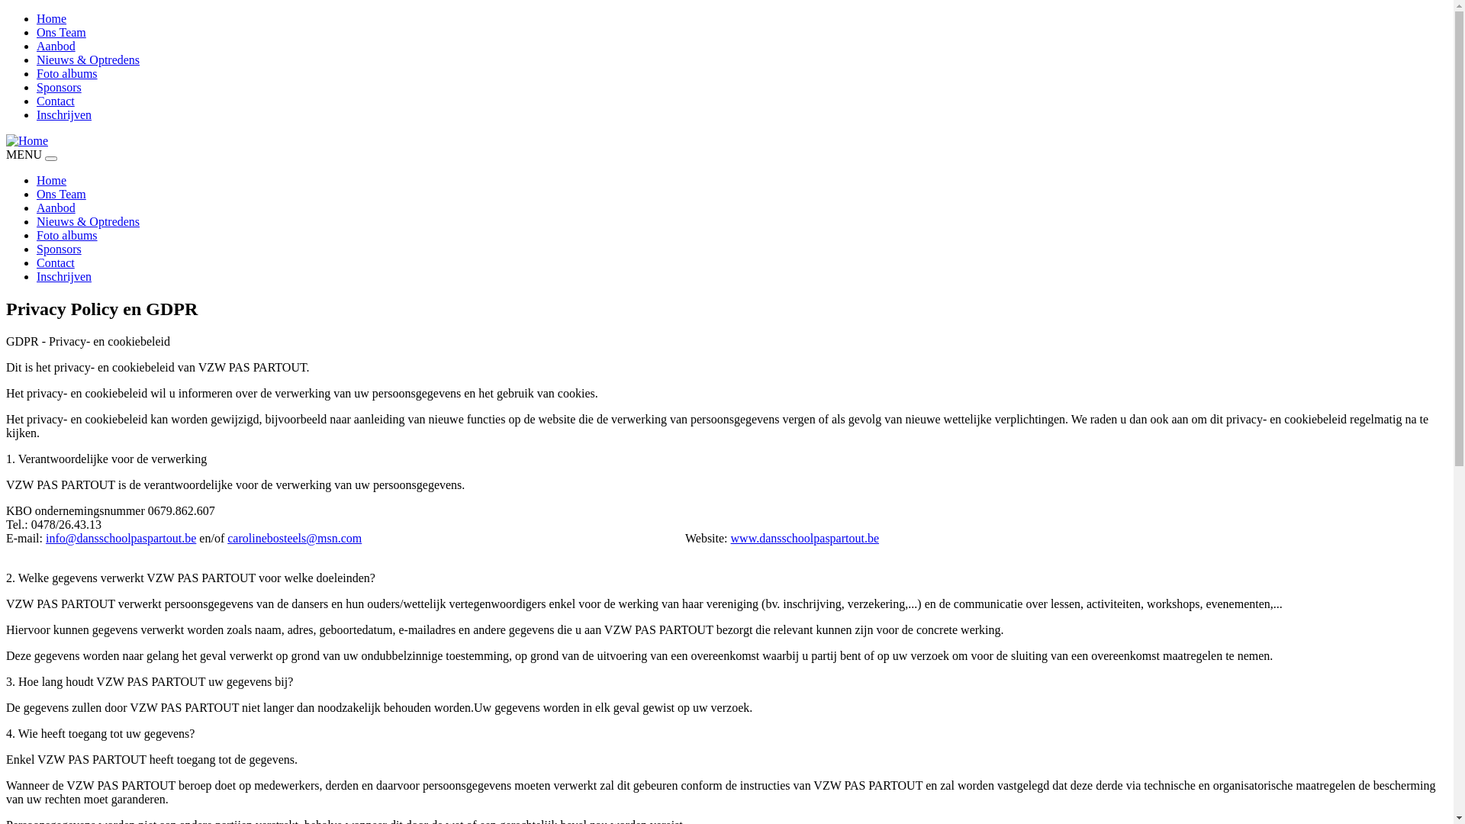 The width and height of the screenshot is (1465, 824). Describe the element at coordinates (37, 101) in the screenshot. I see `'Contact'` at that location.